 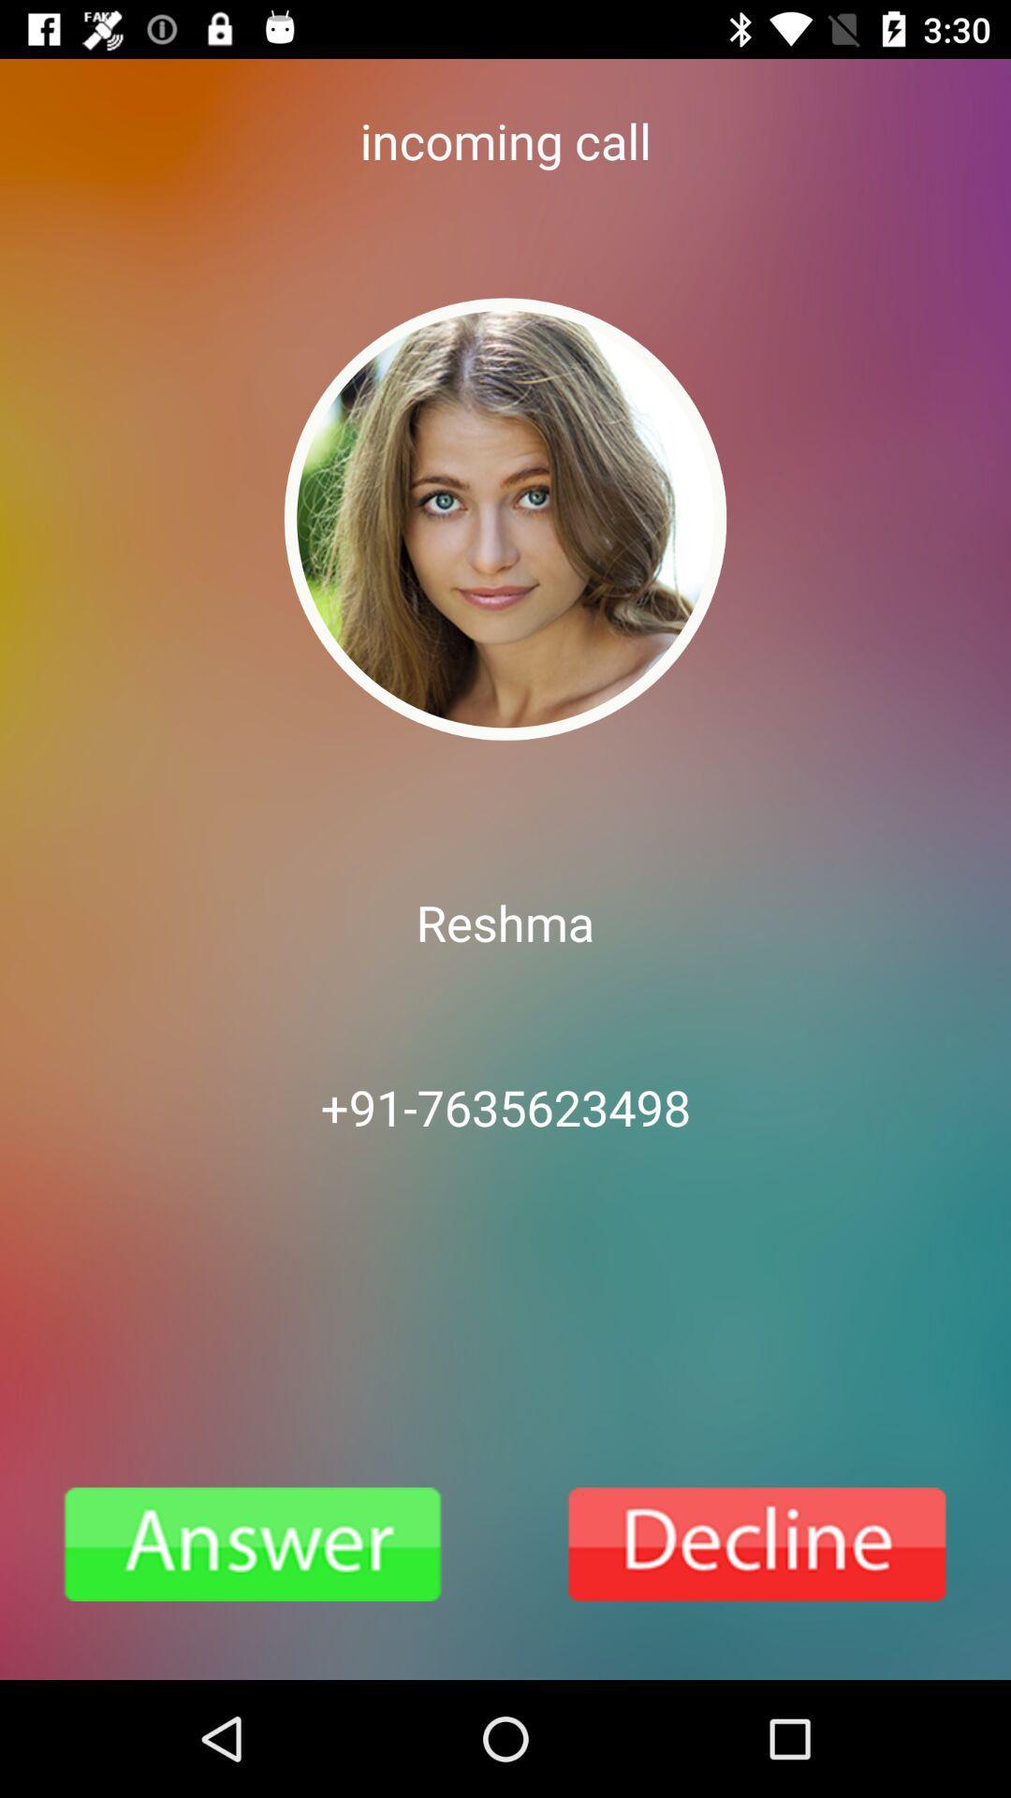 I want to click on icon below +91-7635623498 icon, so click(x=758, y=1544).